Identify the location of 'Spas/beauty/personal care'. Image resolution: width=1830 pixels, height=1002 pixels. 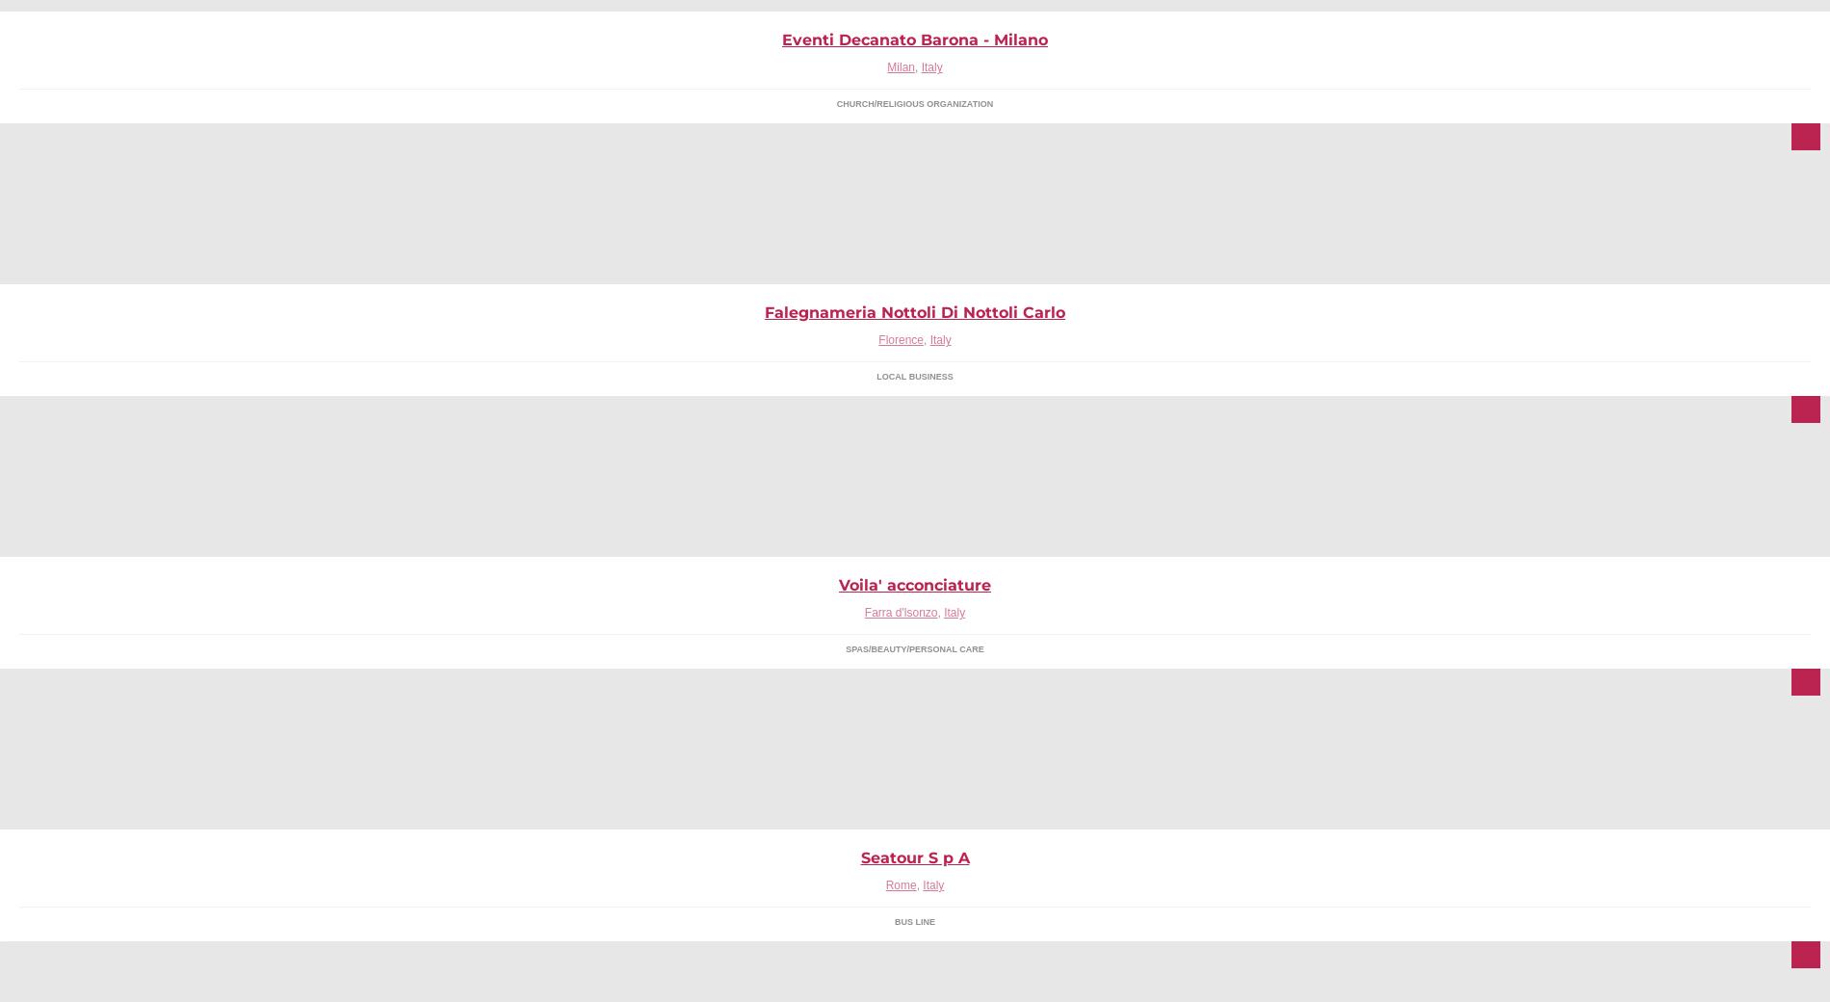
(913, 649).